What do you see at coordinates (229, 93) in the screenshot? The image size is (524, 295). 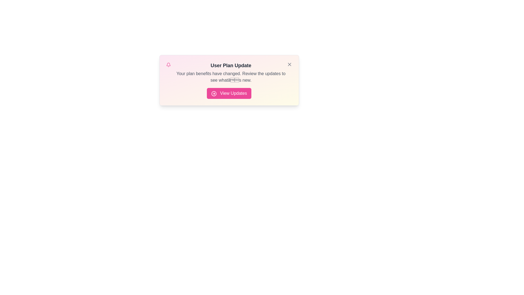 I see `the view_updates_button to observe visual feedback` at bounding box center [229, 93].